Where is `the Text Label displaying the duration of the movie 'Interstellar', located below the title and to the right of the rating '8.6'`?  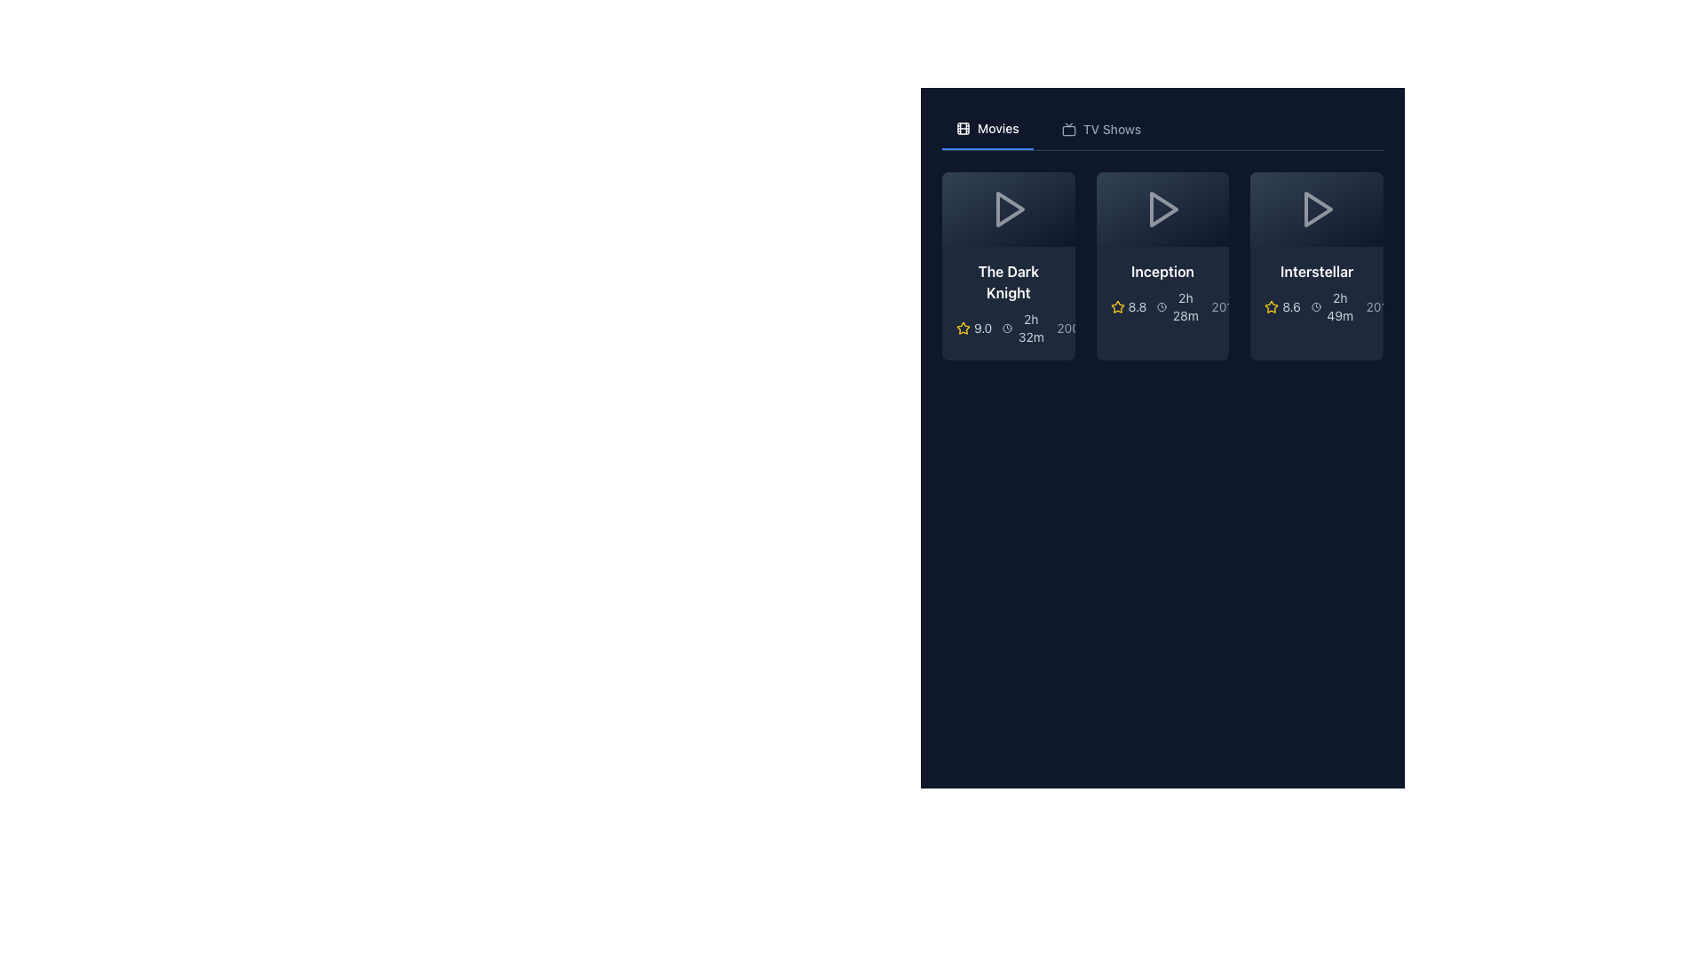 the Text Label displaying the duration of the movie 'Interstellar', located below the title and to the right of the rating '8.6' is located at coordinates (1340, 306).